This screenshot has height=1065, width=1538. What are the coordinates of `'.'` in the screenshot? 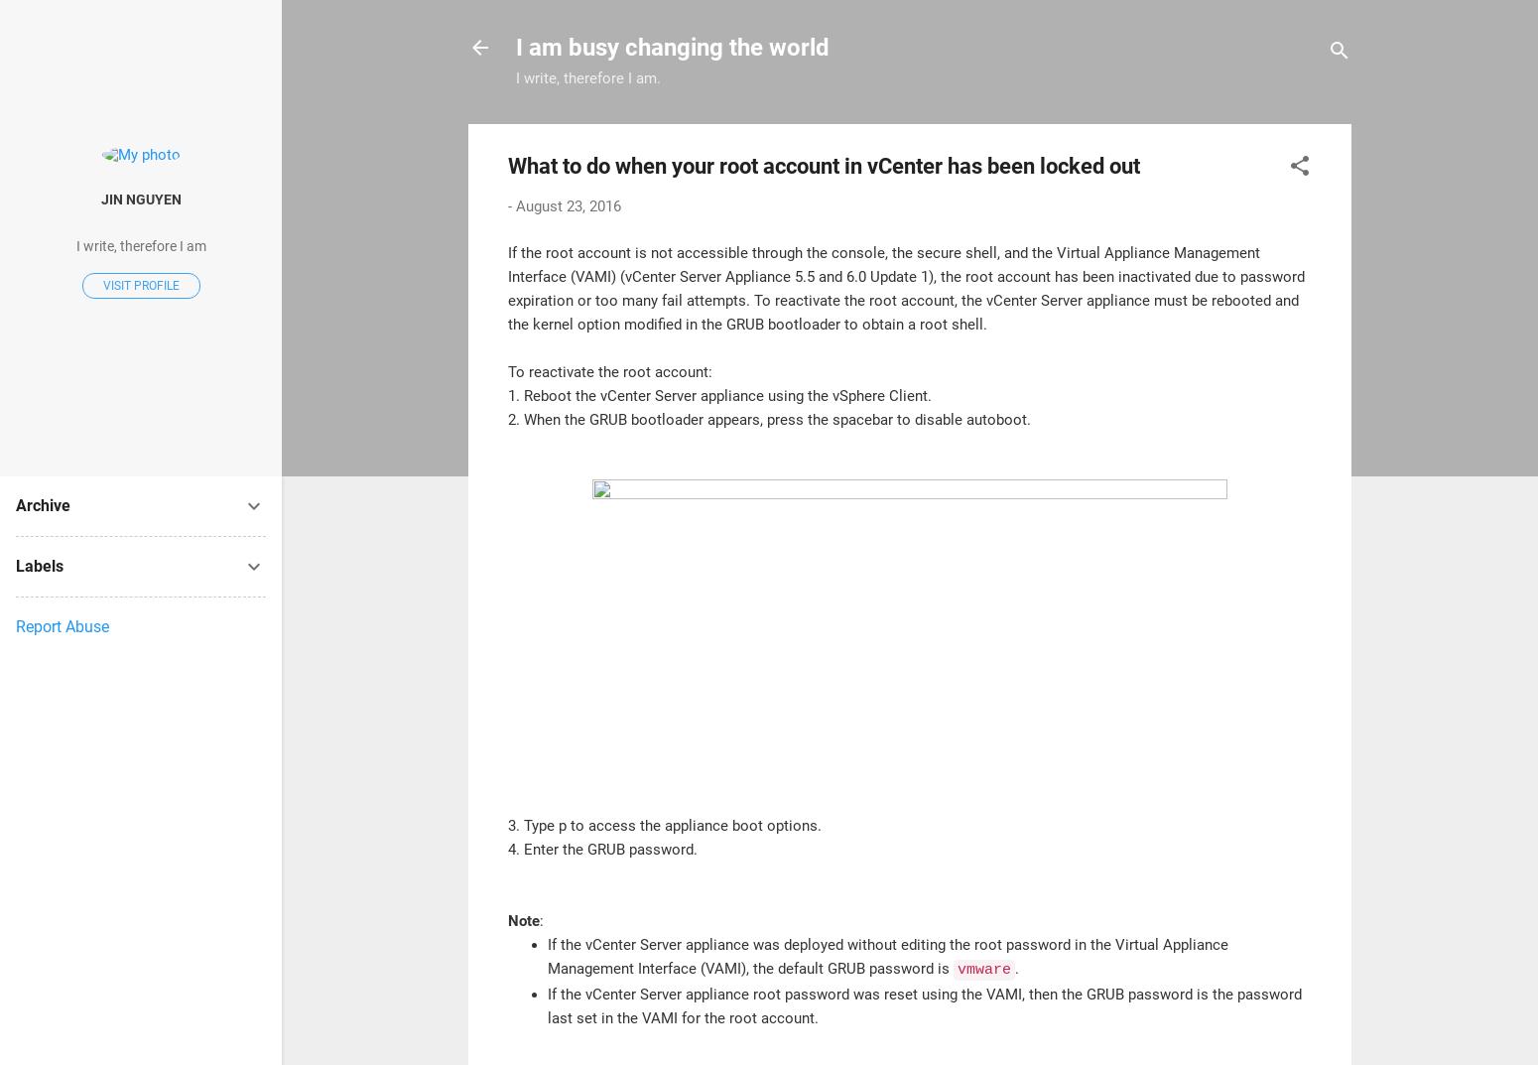 It's located at (1017, 967).